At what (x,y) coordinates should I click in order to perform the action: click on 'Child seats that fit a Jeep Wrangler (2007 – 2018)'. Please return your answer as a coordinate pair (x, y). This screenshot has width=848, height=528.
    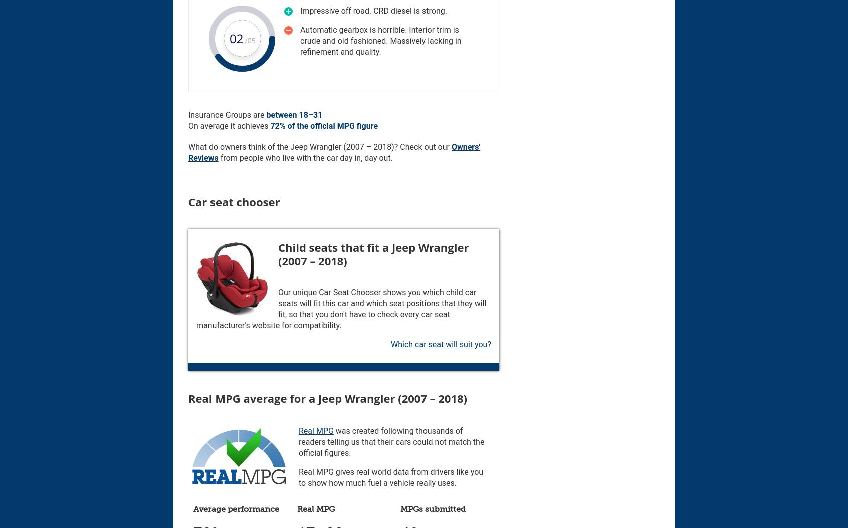
    Looking at the image, I should click on (372, 253).